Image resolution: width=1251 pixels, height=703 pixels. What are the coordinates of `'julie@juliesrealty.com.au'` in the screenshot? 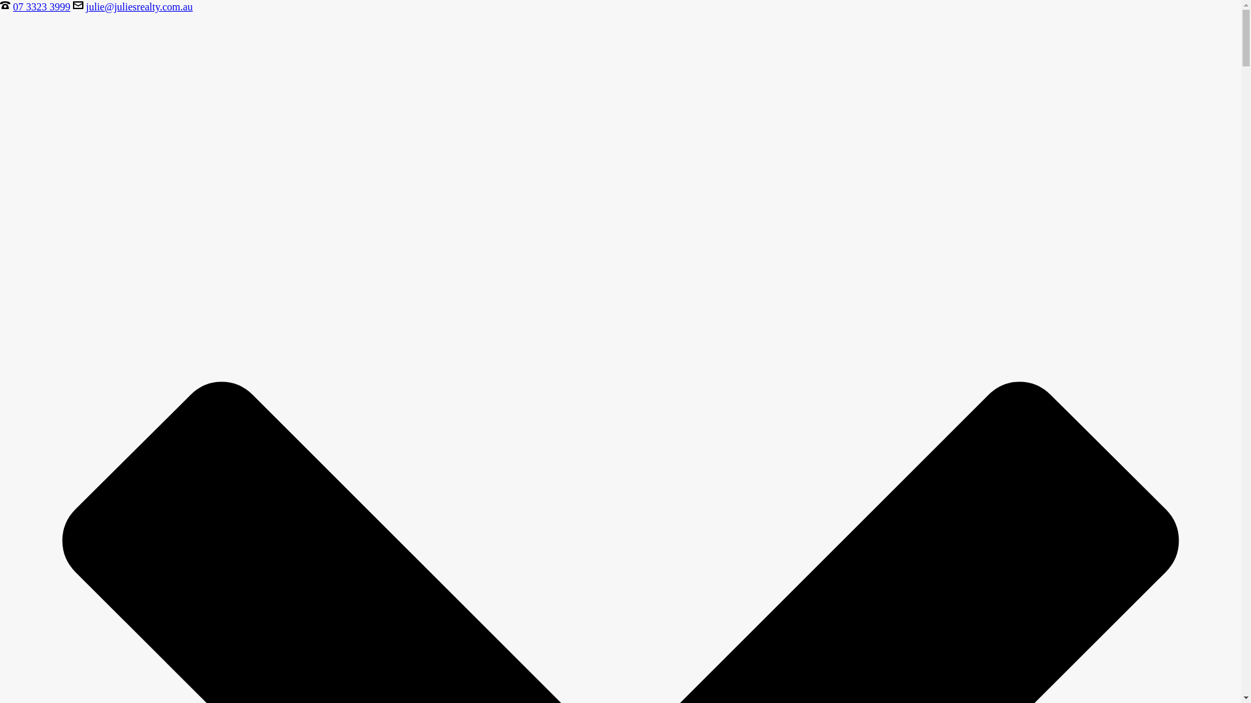 It's located at (85, 7).